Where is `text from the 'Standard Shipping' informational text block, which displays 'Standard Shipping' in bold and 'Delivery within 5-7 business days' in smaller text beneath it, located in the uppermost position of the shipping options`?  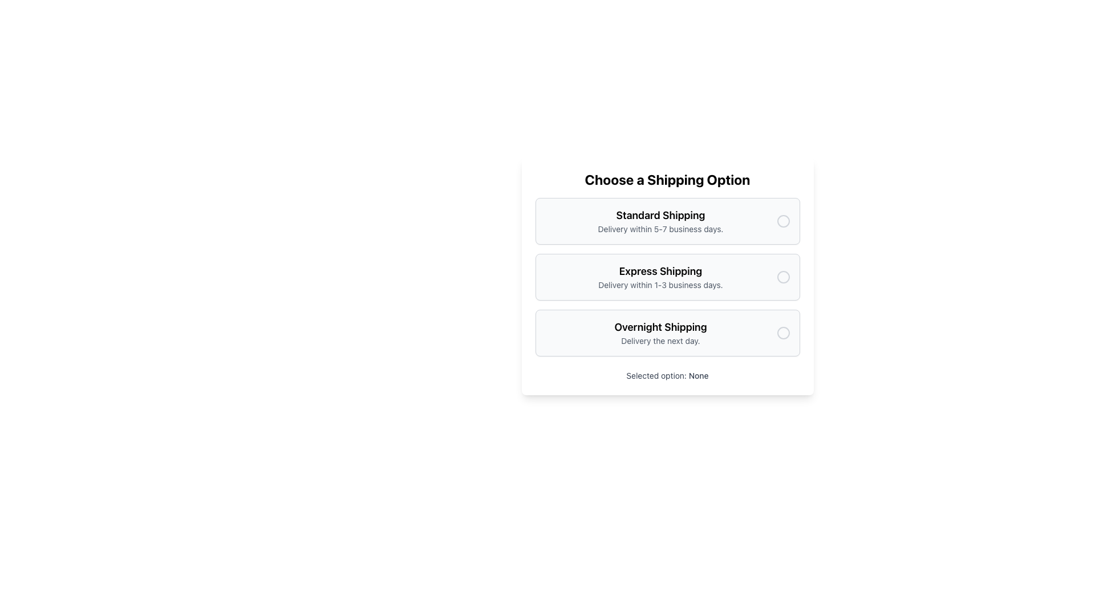
text from the 'Standard Shipping' informational text block, which displays 'Standard Shipping' in bold and 'Delivery within 5-7 business days' in smaller text beneath it, located in the uppermost position of the shipping options is located at coordinates (660, 221).